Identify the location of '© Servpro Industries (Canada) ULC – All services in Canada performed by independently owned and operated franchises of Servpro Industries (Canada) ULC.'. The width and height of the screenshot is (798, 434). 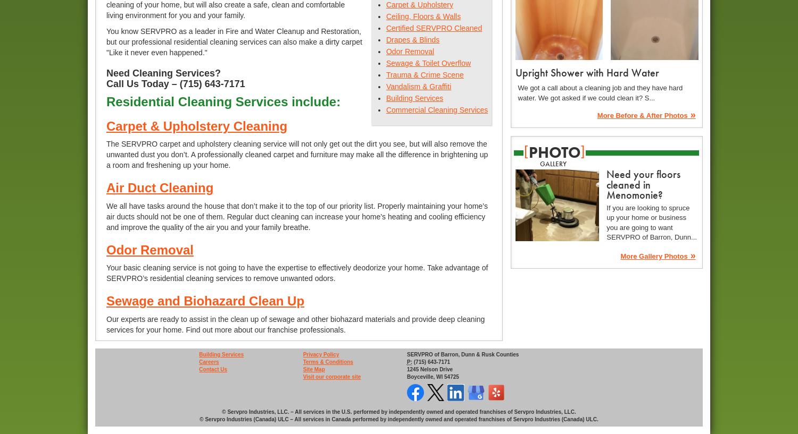
(398, 419).